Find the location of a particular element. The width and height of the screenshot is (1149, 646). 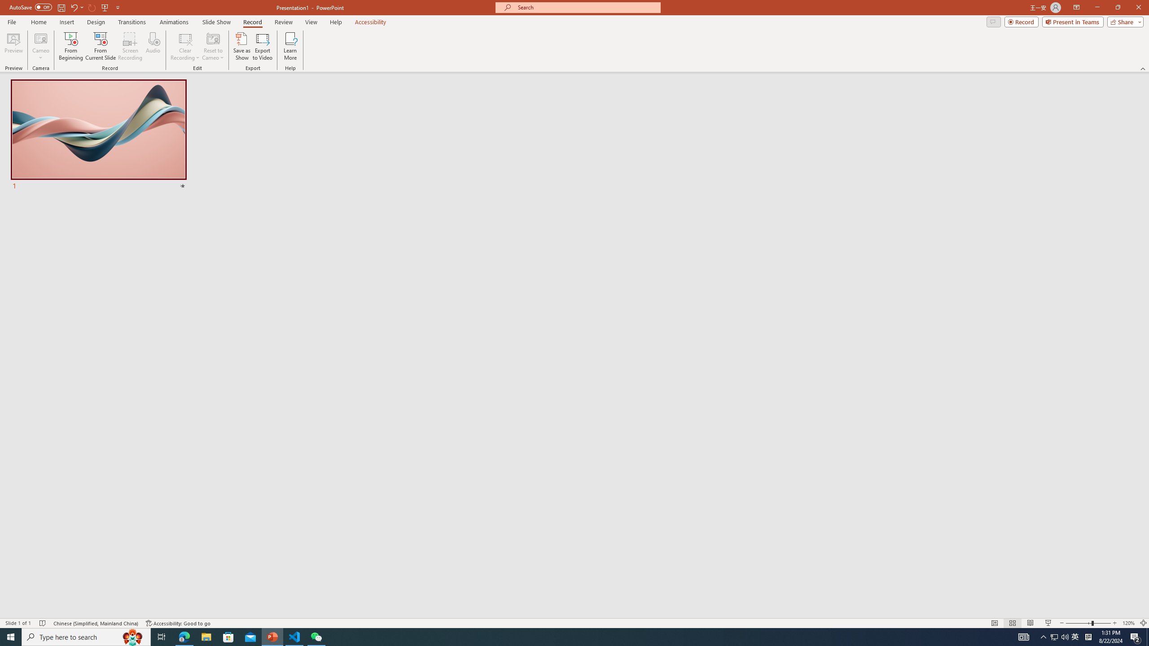

'Zoom 120%' is located at coordinates (1129, 623).